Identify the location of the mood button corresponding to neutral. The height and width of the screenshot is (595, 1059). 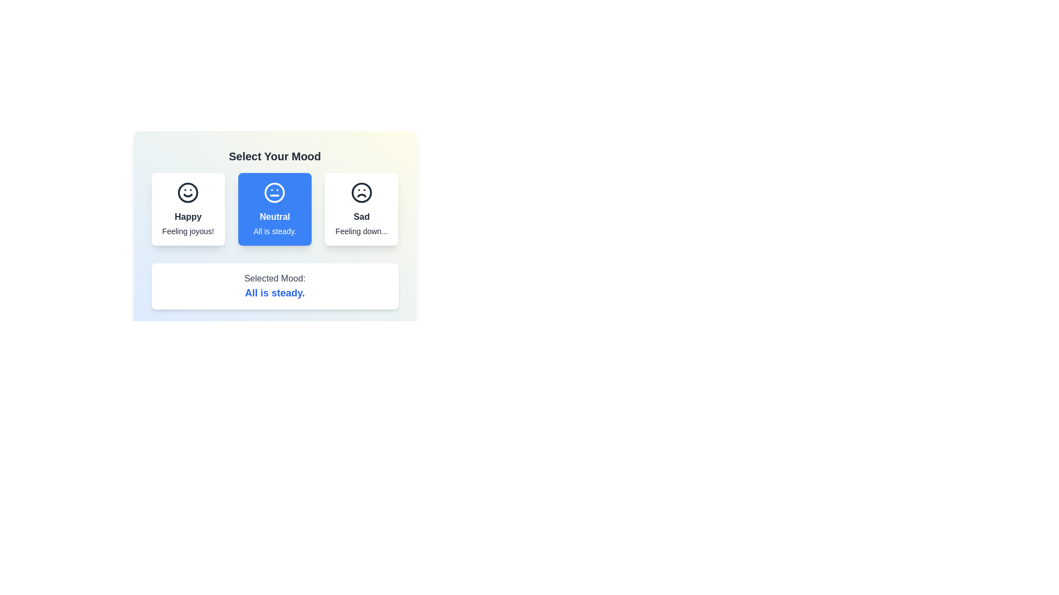
(275, 209).